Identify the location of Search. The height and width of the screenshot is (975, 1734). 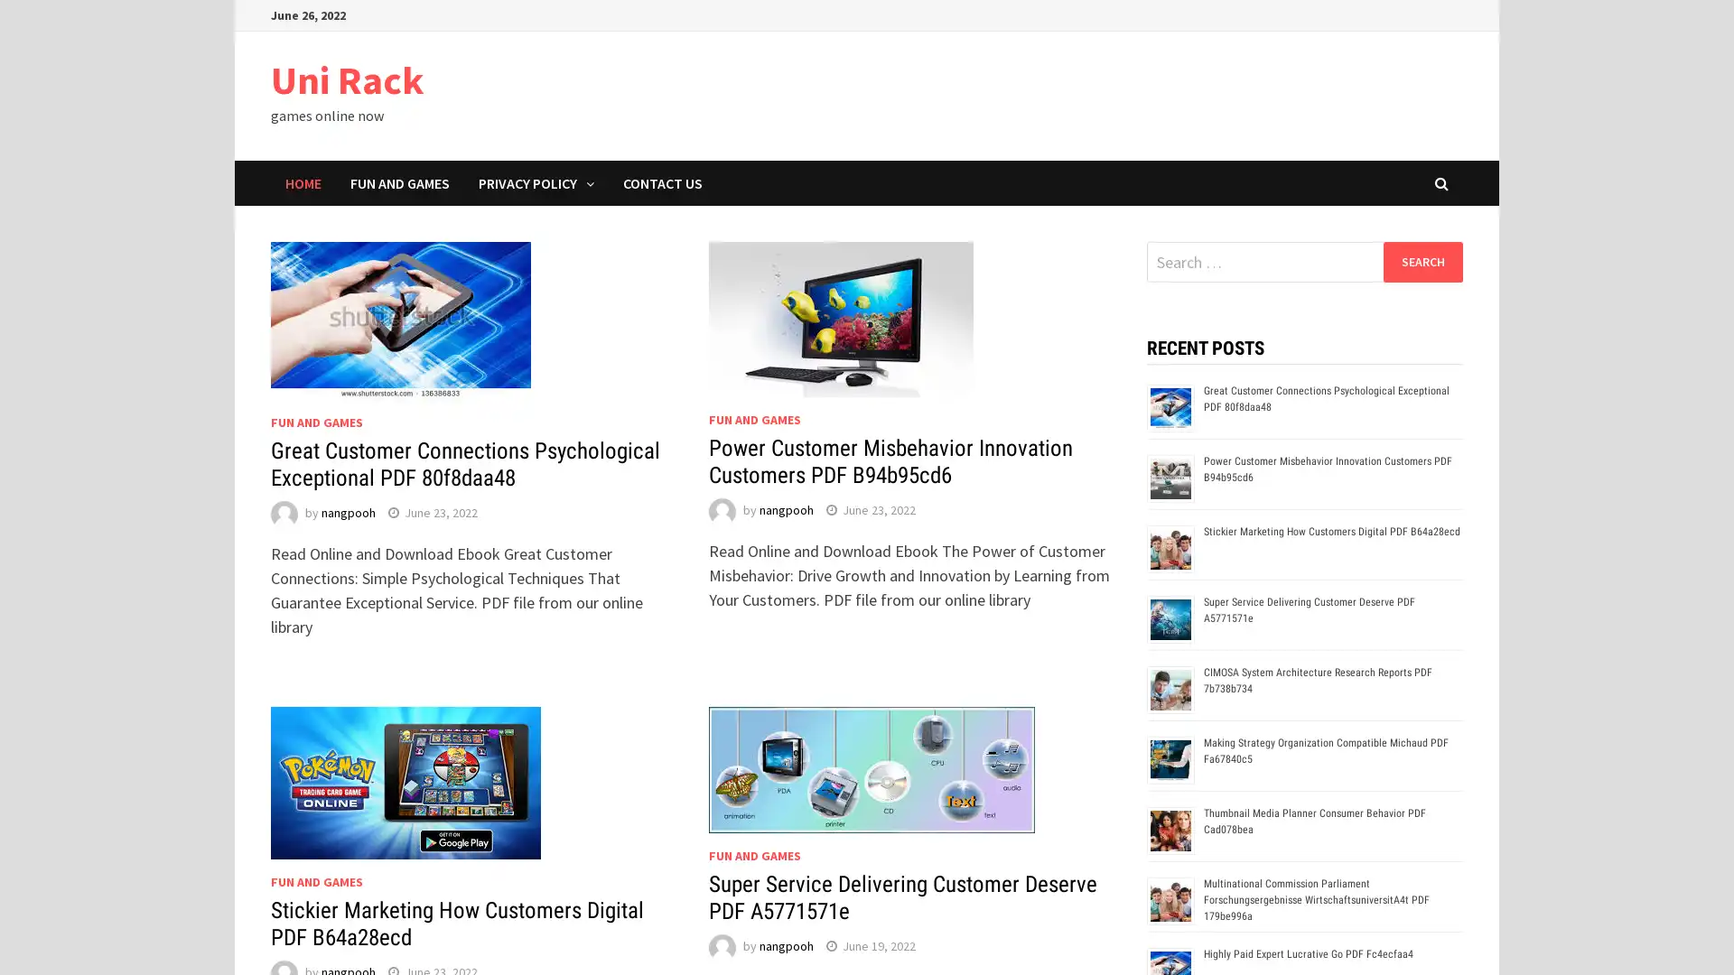
(1422, 261).